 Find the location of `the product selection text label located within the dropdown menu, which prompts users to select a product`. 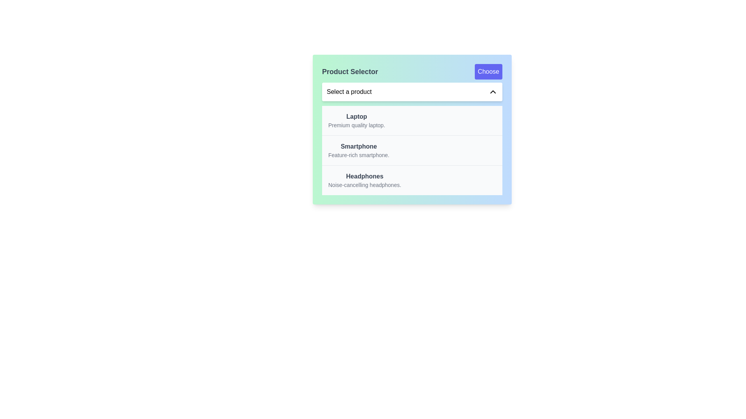

the product selection text label located within the dropdown menu, which prompts users to select a product is located at coordinates (349, 91).